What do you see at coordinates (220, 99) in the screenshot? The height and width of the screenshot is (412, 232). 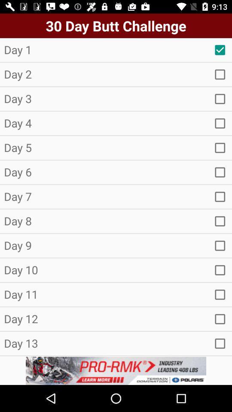 I see `item` at bounding box center [220, 99].